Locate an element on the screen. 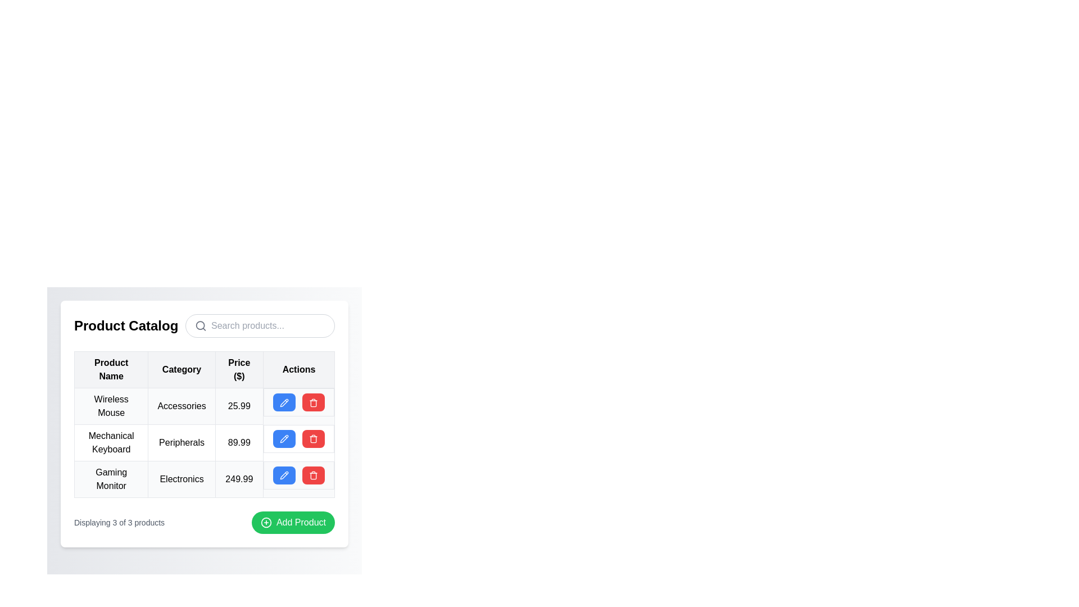 Image resolution: width=1079 pixels, height=607 pixels. displayed numerical value '89.99' from the text element in the 'Price ($)' column of the 'Mechanical Keyboard' row in the table is located at coordinates (238, 442).